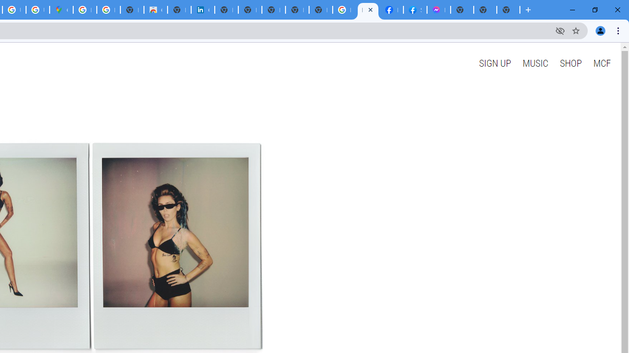 Image resolution: width=629 pixels, height=353 pixels. I want to click on 'Messenger', so click(438, 10).